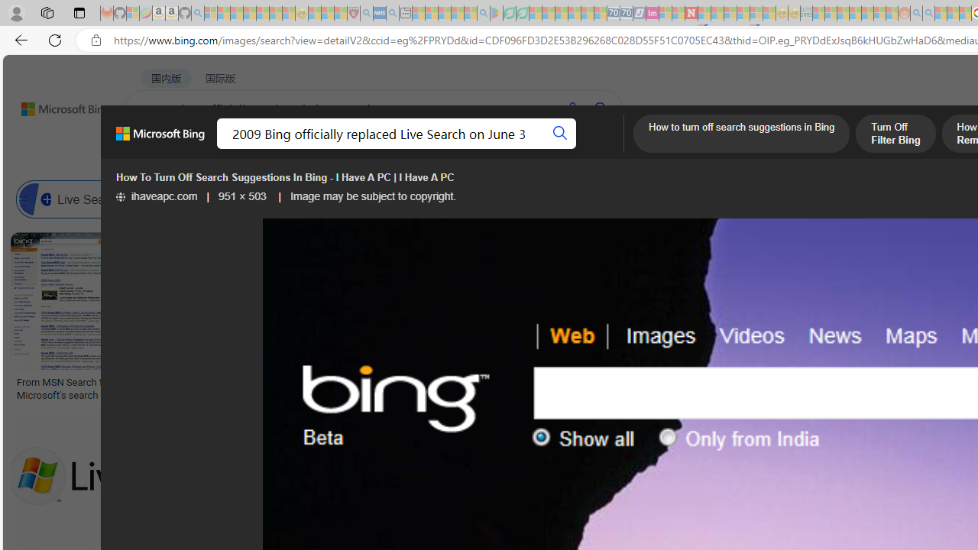  What do you see at coordinates (509, 13) in the screenshot?
I see `'Terms of Use Agreement - Sleeping'` at bounding box center [509, 13].